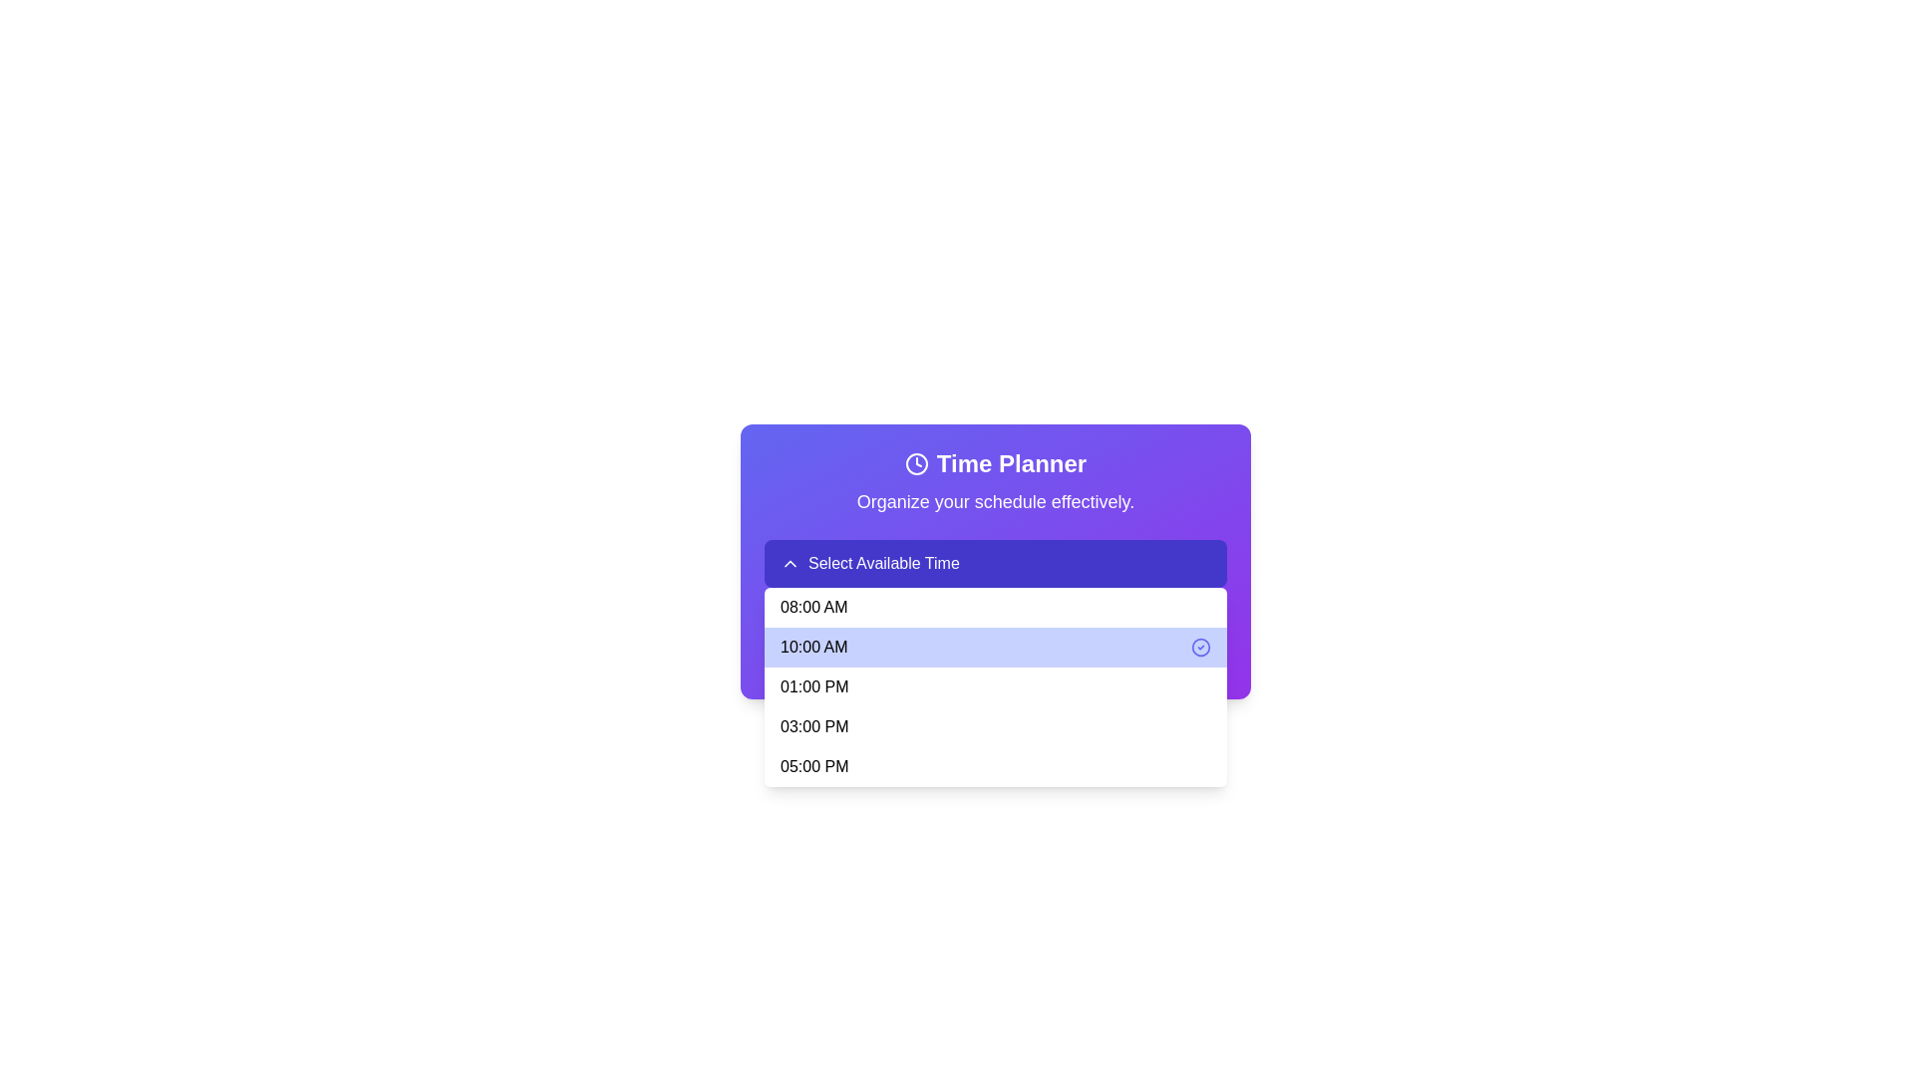 The height and width of the screenshot is (1076, 1914). What do you see at coordinates (995, 561) in the screenshot?
I see `a highlighted time slot in the 'Time Planner' panel` at bounding box center [995, 561].